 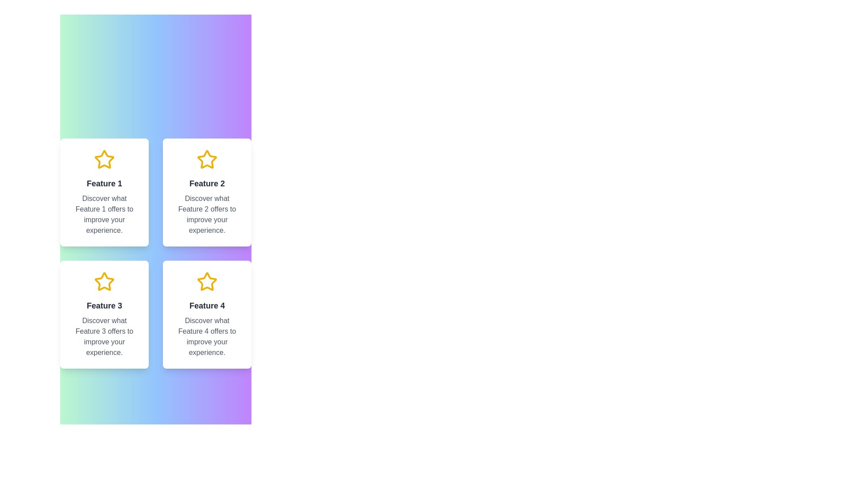 What do you see at coordinates (104, 159) in the screenshot?
I see `the yellow star icon with a hollow center located in the top-left corner of the 'Feature 1' card, which is part of a 2x2 grid layout` at bounding box center [104, 159].